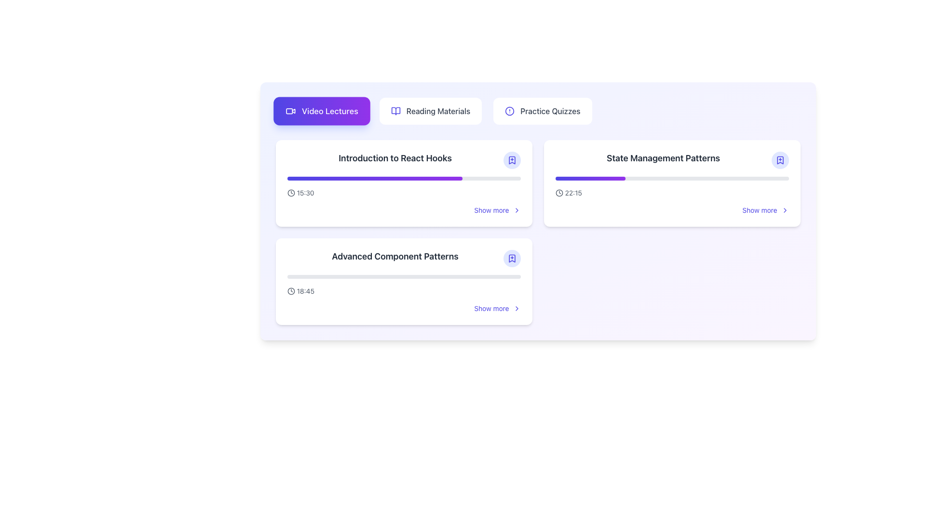 The height and width of the screenshot is (520, 926). I want to click on the chevron icon next to the 'Show more' link under the 'State Management Patterns' title, so click(785, 209).